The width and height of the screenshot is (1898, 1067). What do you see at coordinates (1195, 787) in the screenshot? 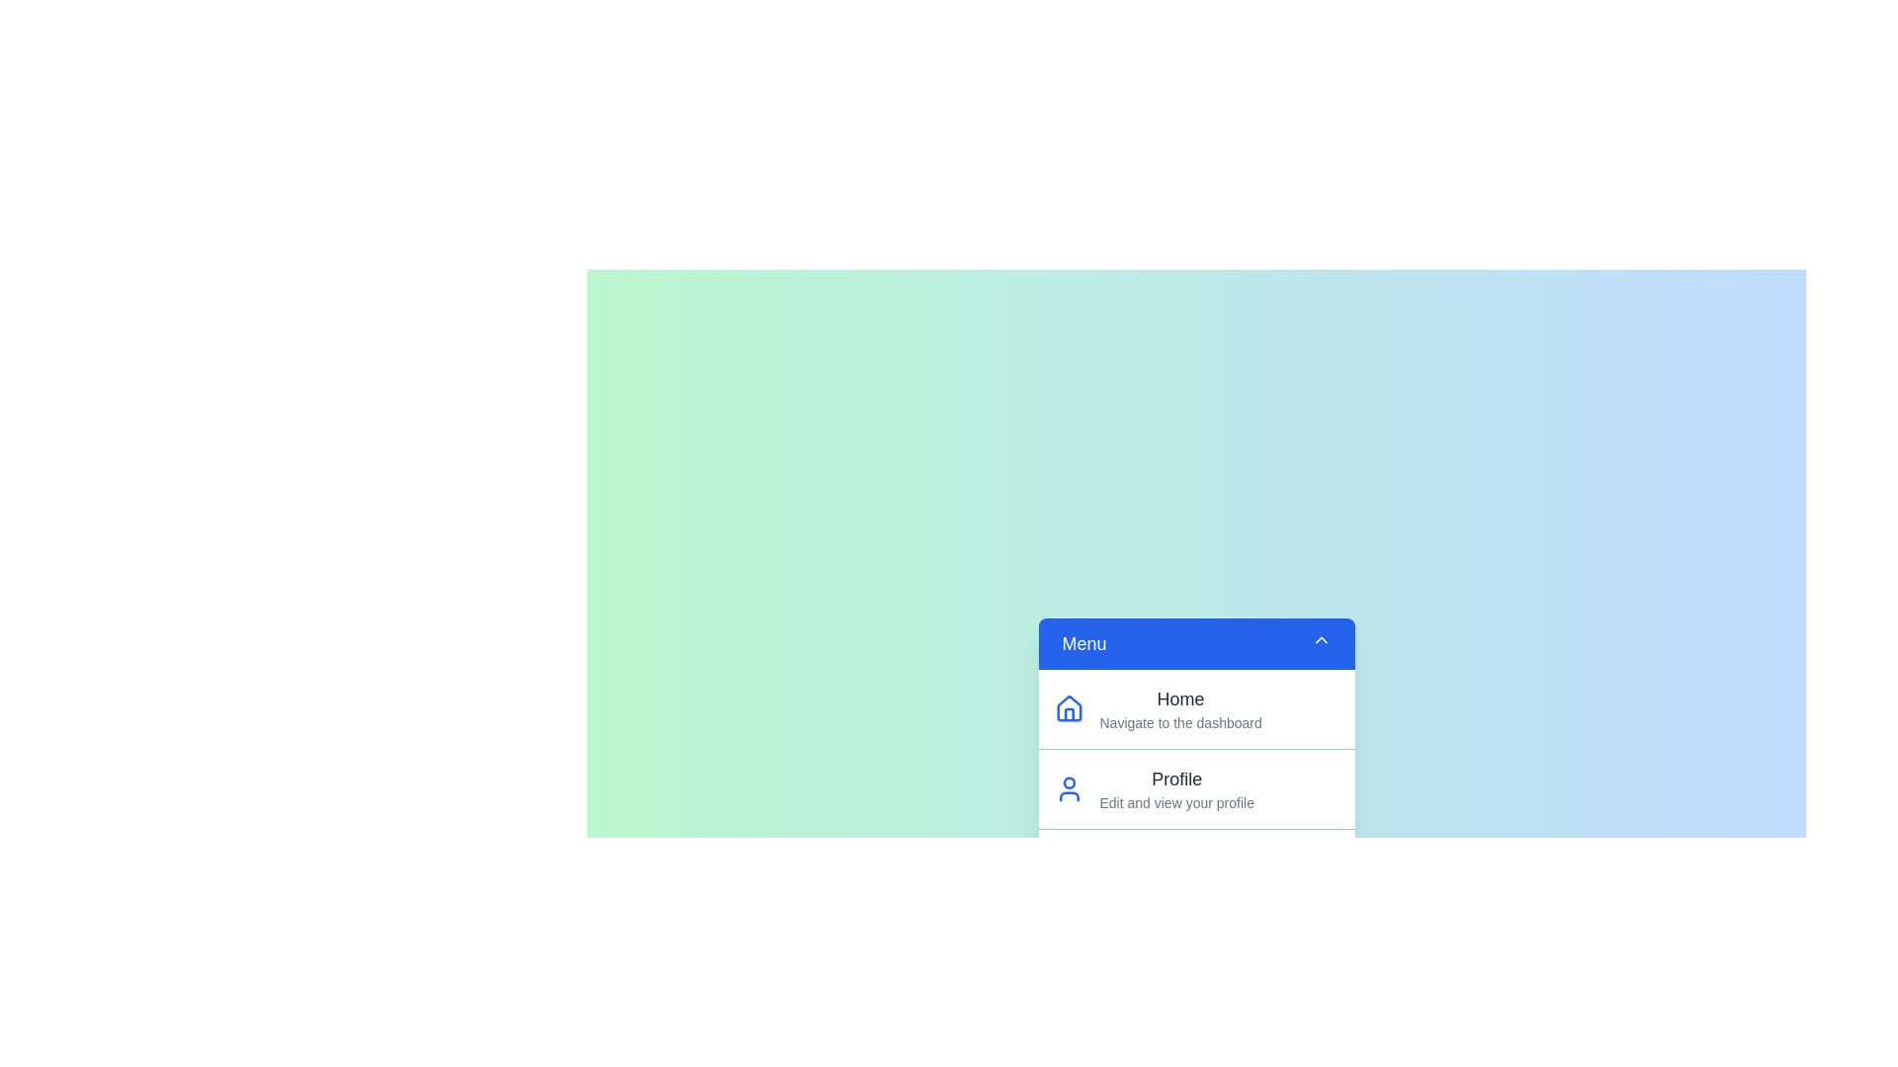
I see `the menu item Profile from the list` at bounding box center [1195, 787].